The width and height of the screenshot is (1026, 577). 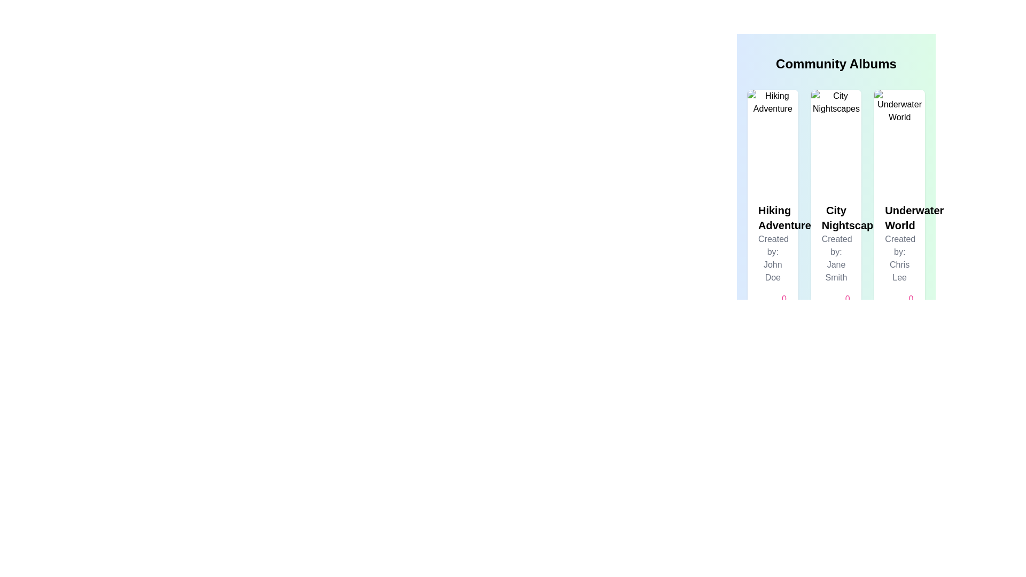 I want to click on the comments button located to the right of the '0 Likes' button, so click(x=824, y=305).